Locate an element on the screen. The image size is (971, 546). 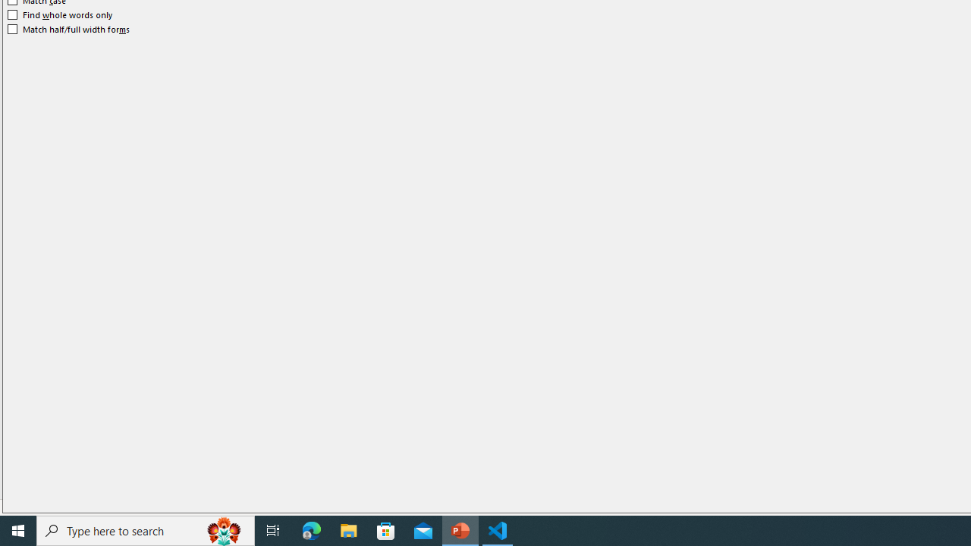
'Match half/full width forms' is located at coordinates (68, 29).